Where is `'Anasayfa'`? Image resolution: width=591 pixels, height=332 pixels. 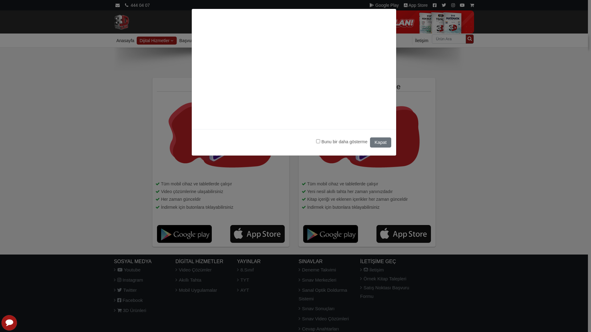
'Anasayfa' is located at coordinates (125, 40).